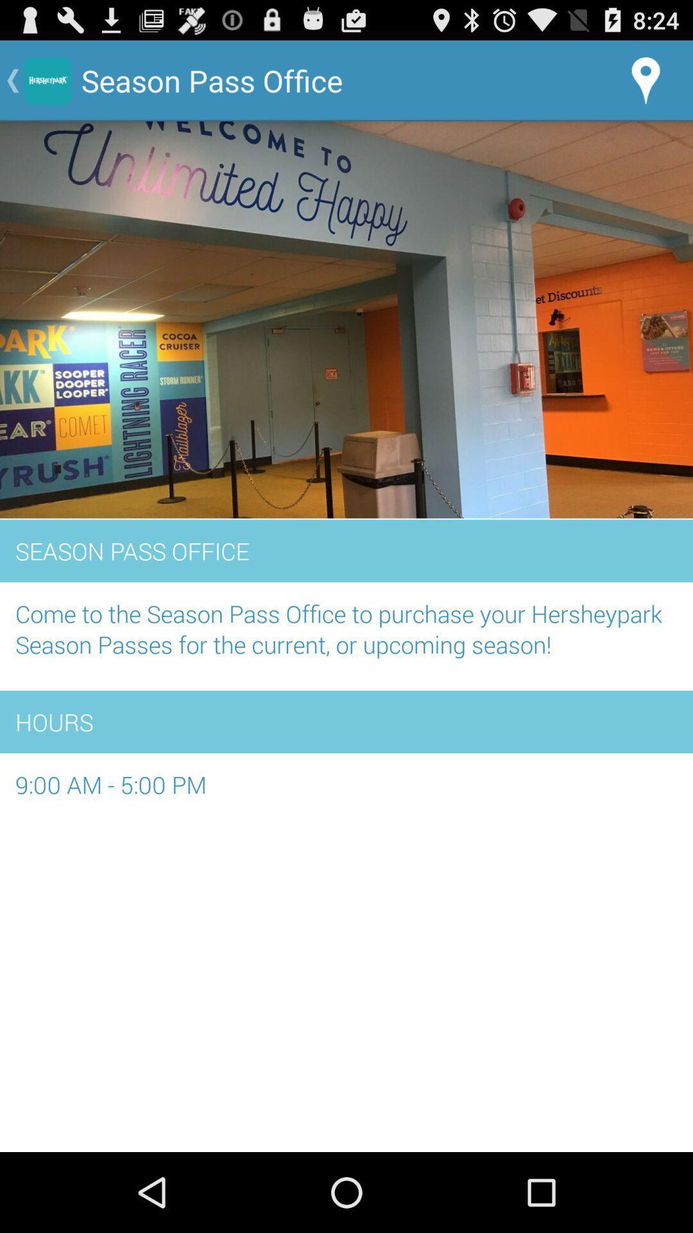  Describe the element at coordinates (346, 320) in the screenshot. I see `the icon above season pass office item` at that location.